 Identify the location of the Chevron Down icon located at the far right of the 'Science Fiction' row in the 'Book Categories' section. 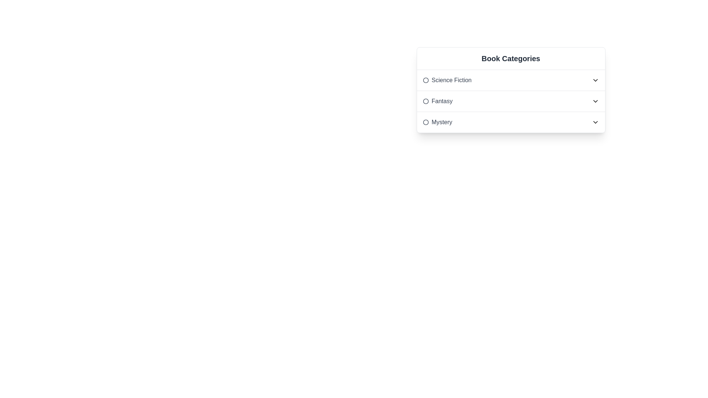
(595, 80).